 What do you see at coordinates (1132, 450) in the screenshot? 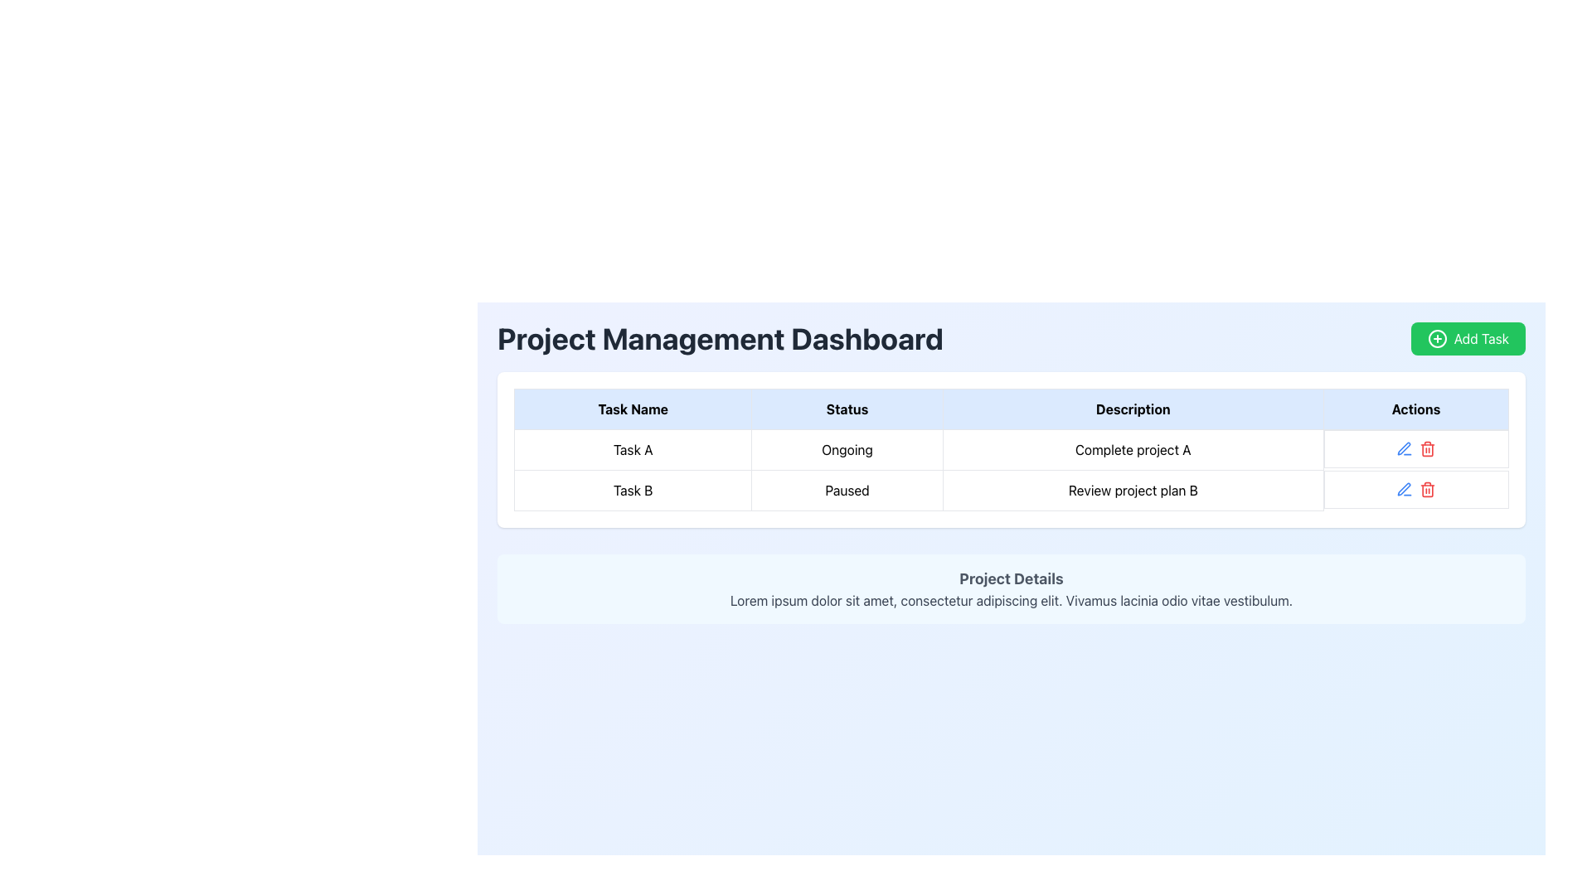
I see `text label that describes 'Task A' located in the Description column of the first row of the table, horizontally aligned with the 'Ongoing' cell in the Status column and the 'Task A' cell in the Task Name column` at bounding box center [1132, 450].